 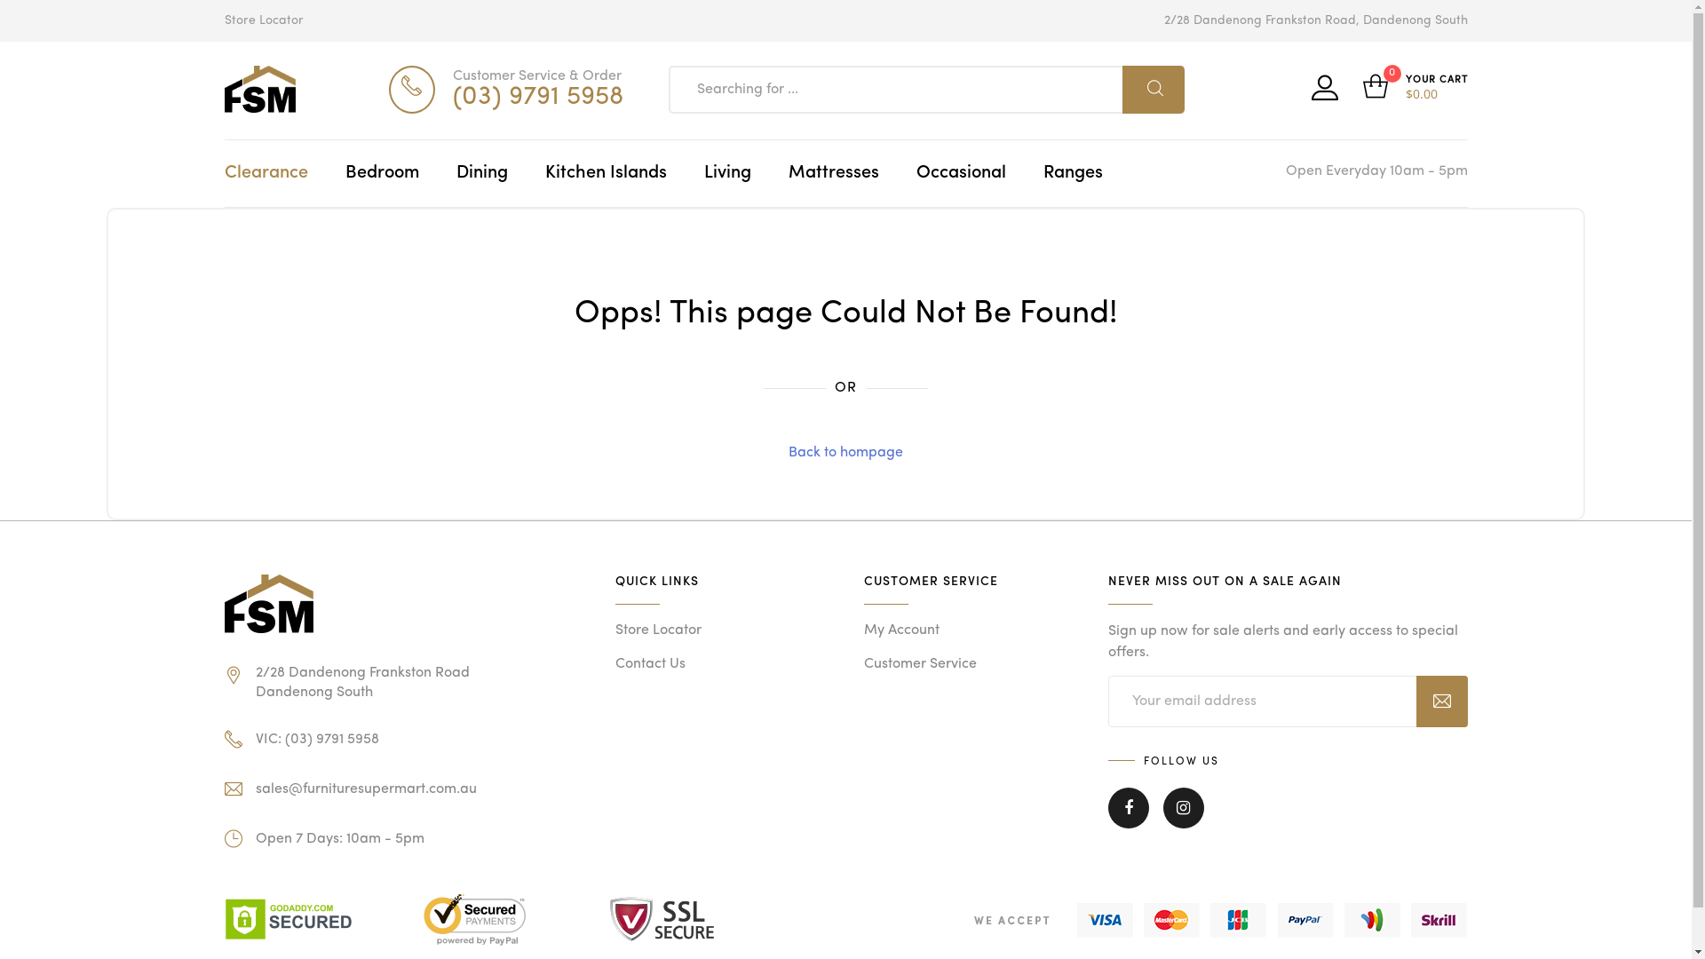 What do you see at coordinates (833, 173) in the screenshot?
I see `'Mattresses'` at bounding box center [833, 173].